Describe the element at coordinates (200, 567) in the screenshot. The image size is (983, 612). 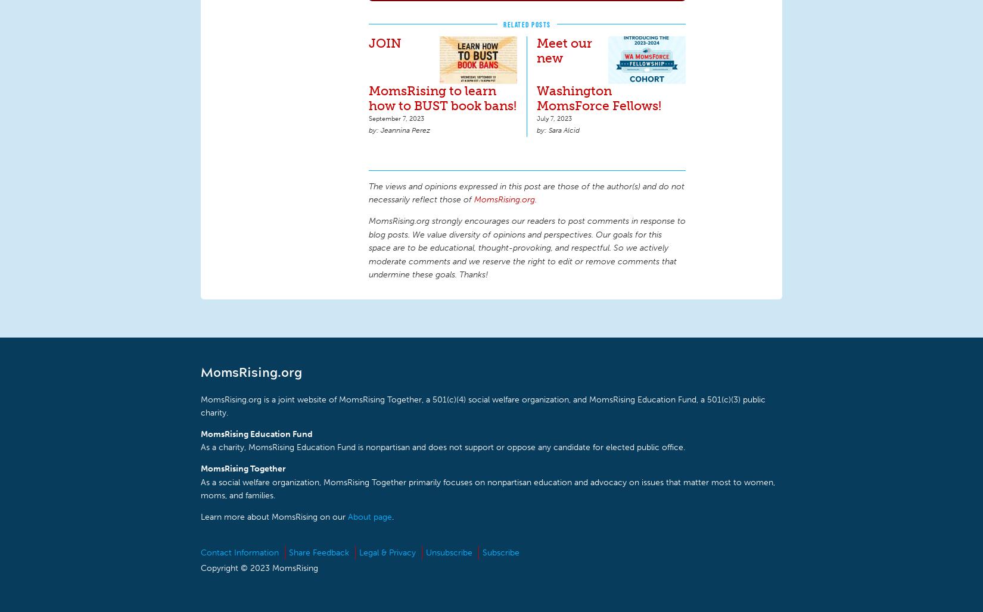
I see `'Copyright © 2023 MomsRising'` at that location.